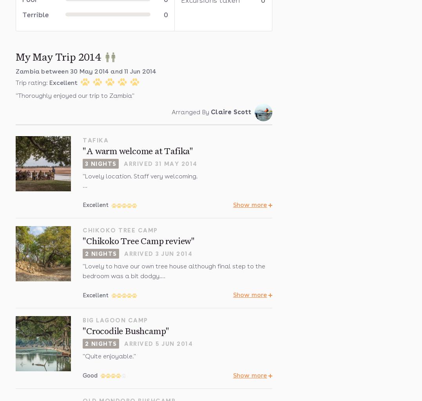  Describe the element at coordinates (109, 356) in the screenshot. I see `'"Quite enjoyable."'` at that location.